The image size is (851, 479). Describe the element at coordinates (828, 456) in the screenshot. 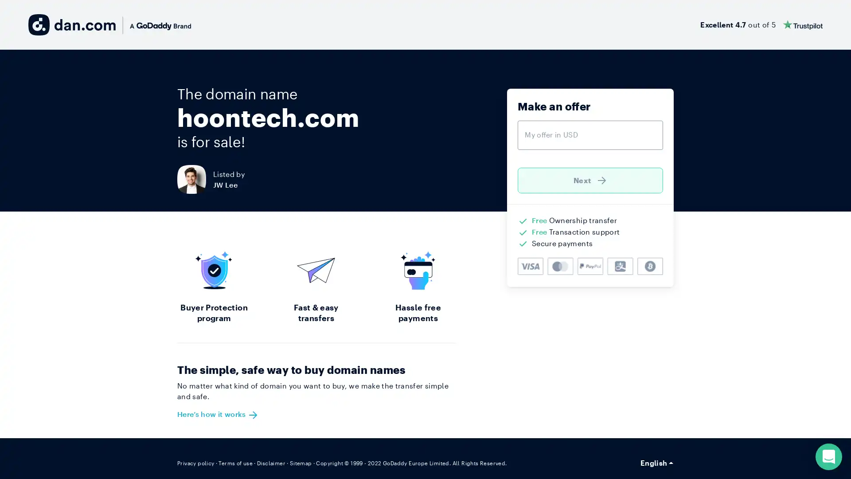

I see `Open Intercom Messenger` at that location.